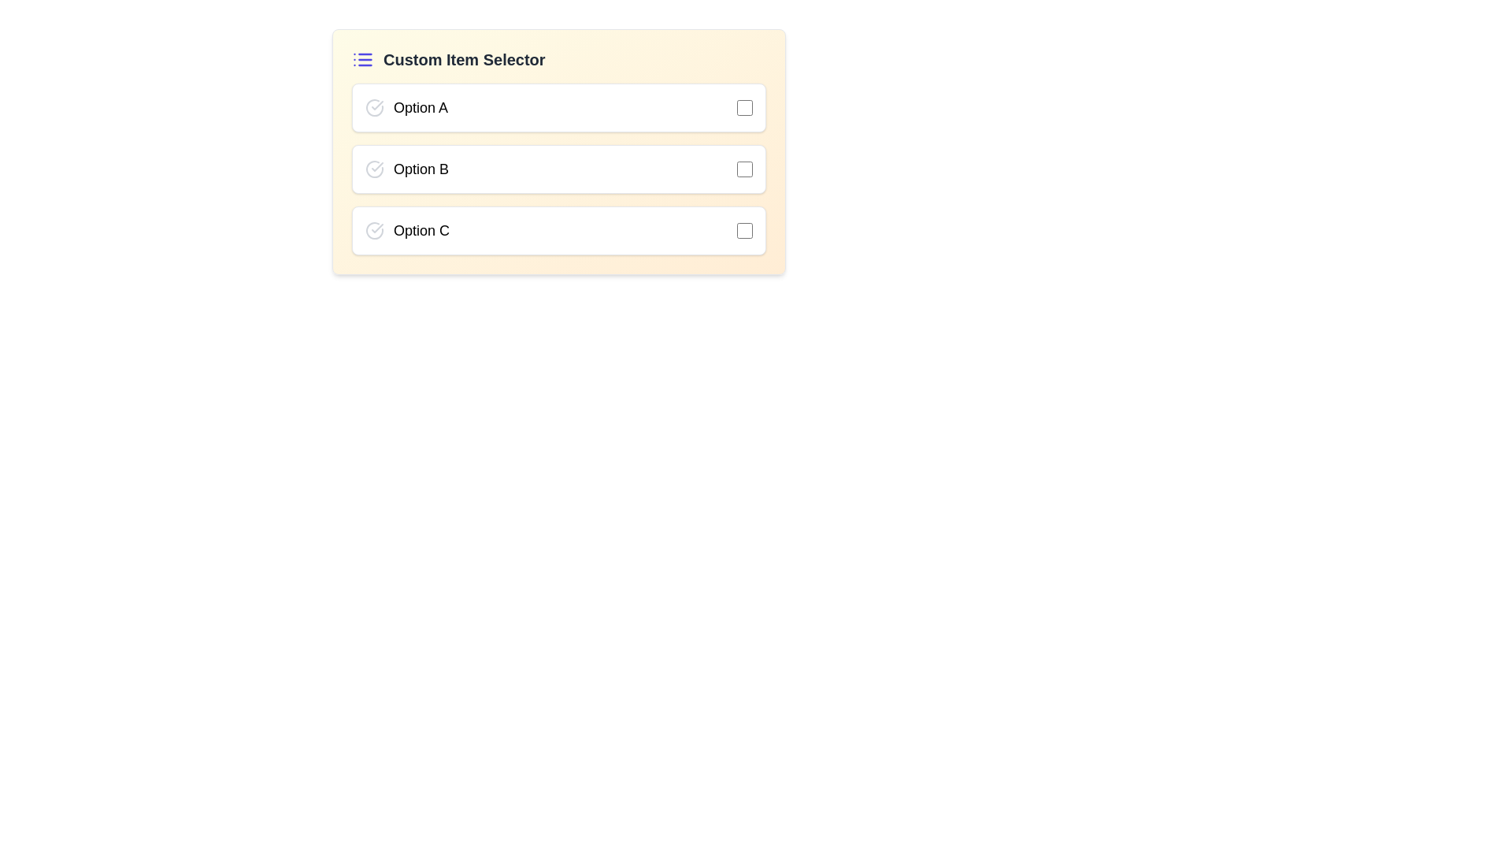 This screenshot has height=851, width=1512. Describe the element at coordinates (373, 107) in the screenshot. I see `the selection status icon located to the left of the 'Option A' text in the topmost entry of the list` at that location.